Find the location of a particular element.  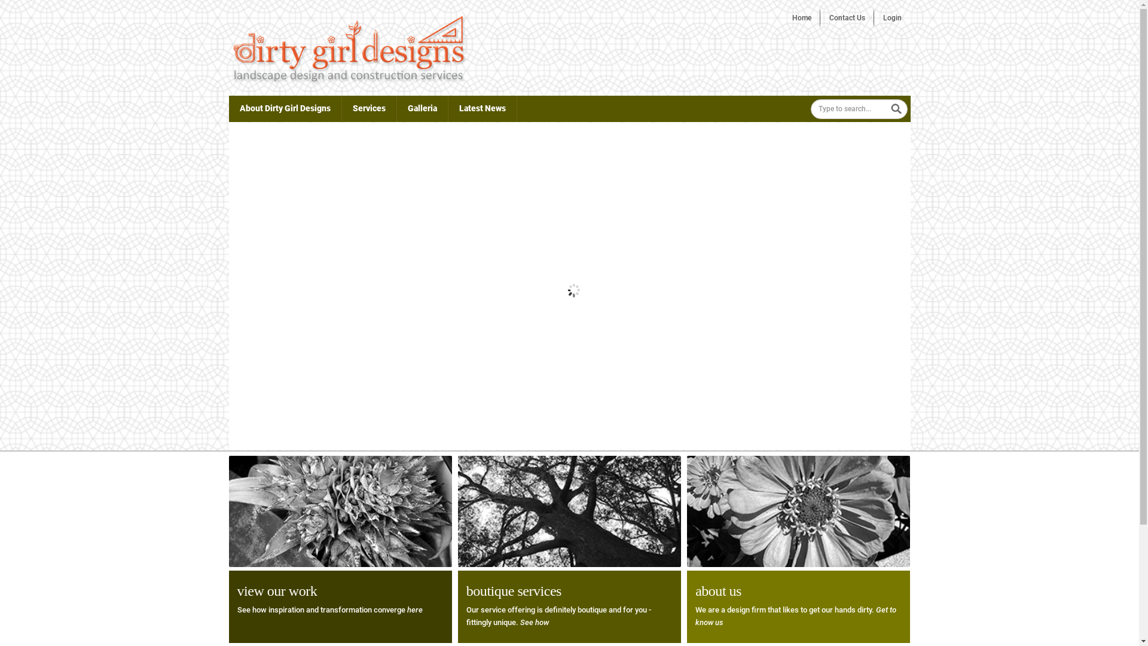

'See how inspiration and transformation converge here' is located at coordinates (329, 610).